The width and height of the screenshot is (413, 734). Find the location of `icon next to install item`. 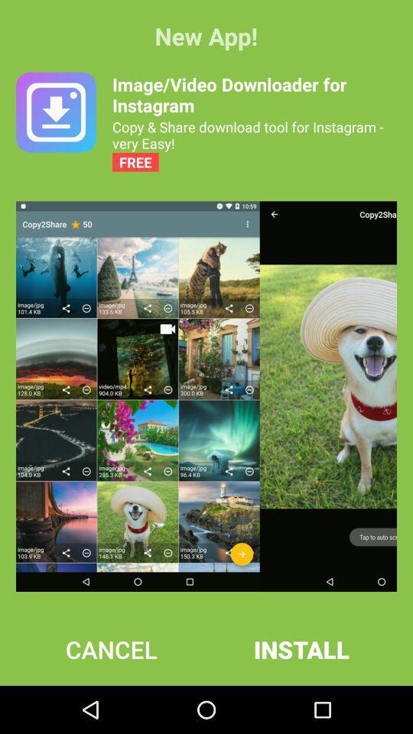

icon next to install item is located at coordinates (110, 648).